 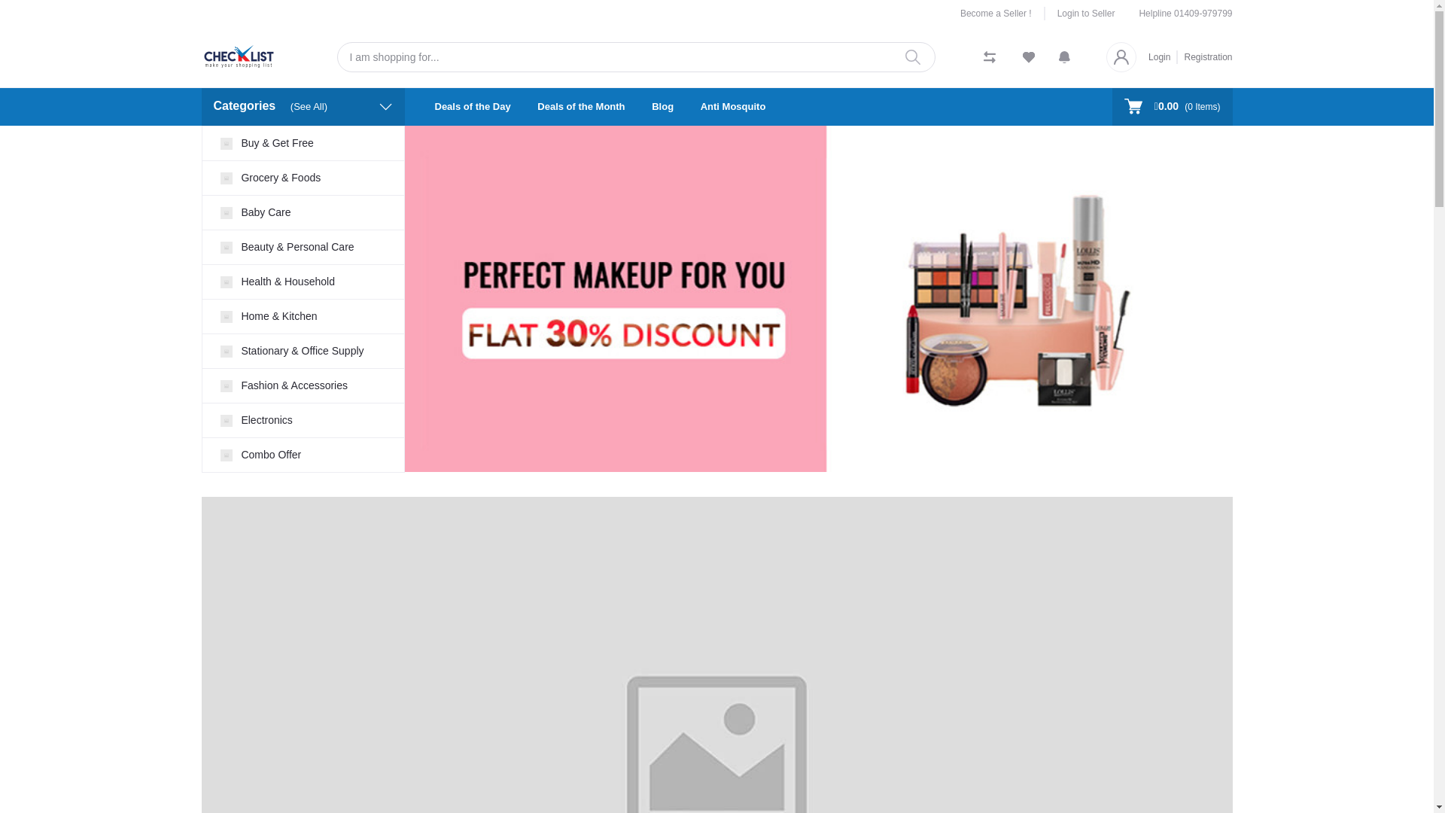 What do you see at coordinates (1002, 14) in the screenshot?
I see `'Become a Seller !'` at bounding box center [1002, 14].